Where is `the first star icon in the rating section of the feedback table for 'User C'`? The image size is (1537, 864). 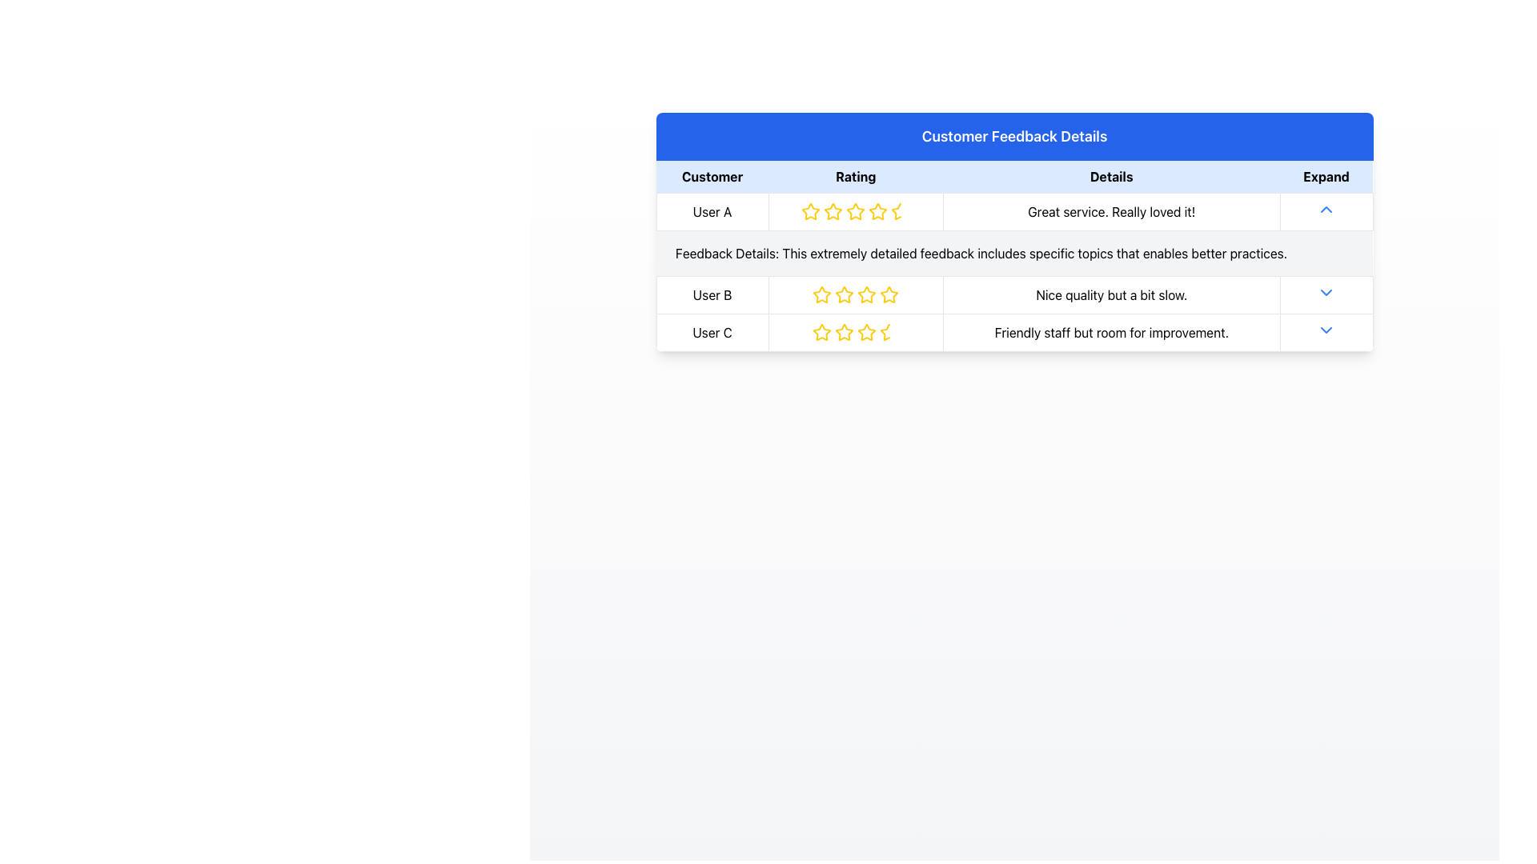 the first star icon in the rating section of the feedback table for 'User C' is located at coordinates (822, 332).